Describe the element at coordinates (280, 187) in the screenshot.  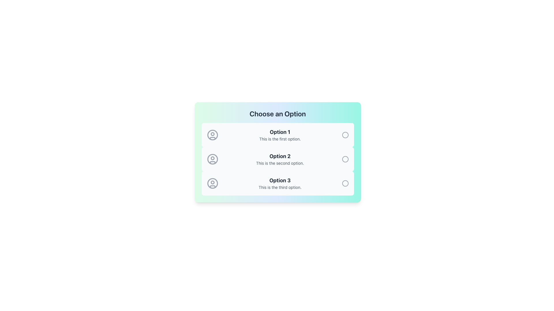
I see `the static text element reading 'This is the third option.' located below 'Option 3' in the UI` at that location.